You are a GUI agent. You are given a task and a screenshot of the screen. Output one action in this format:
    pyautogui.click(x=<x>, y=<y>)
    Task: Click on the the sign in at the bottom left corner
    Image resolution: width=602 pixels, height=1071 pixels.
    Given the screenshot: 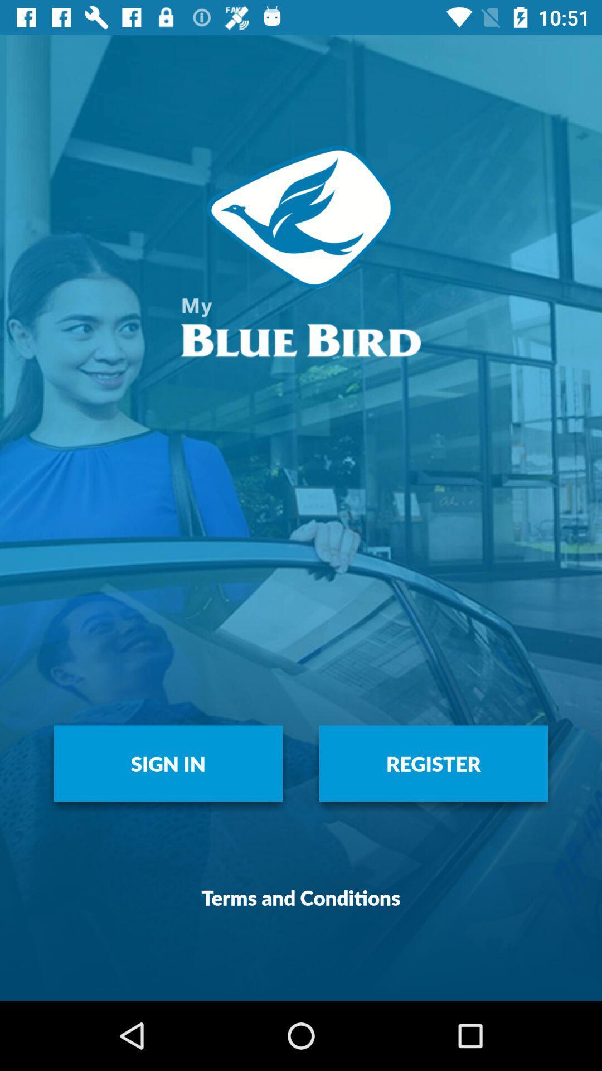 What is the action you would take?
    pyautogui.click(x=168, y=763)
    